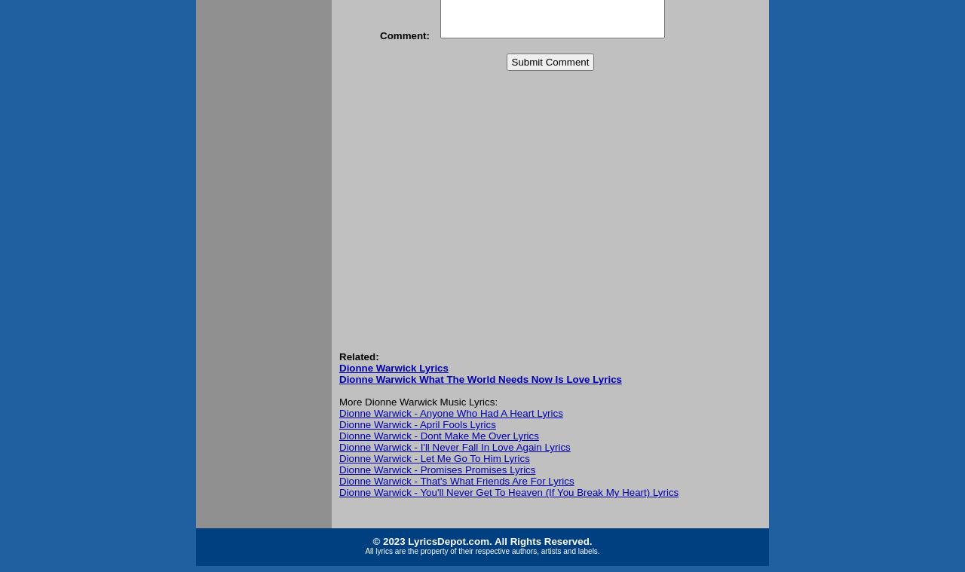 This screenshot has height=572, width=965. What do you see at coordinates (364, 551) in the screenshot?
I see `'All lyrics are the property of their respective authors, artists and labels.'` at bounding box center [364, 551].